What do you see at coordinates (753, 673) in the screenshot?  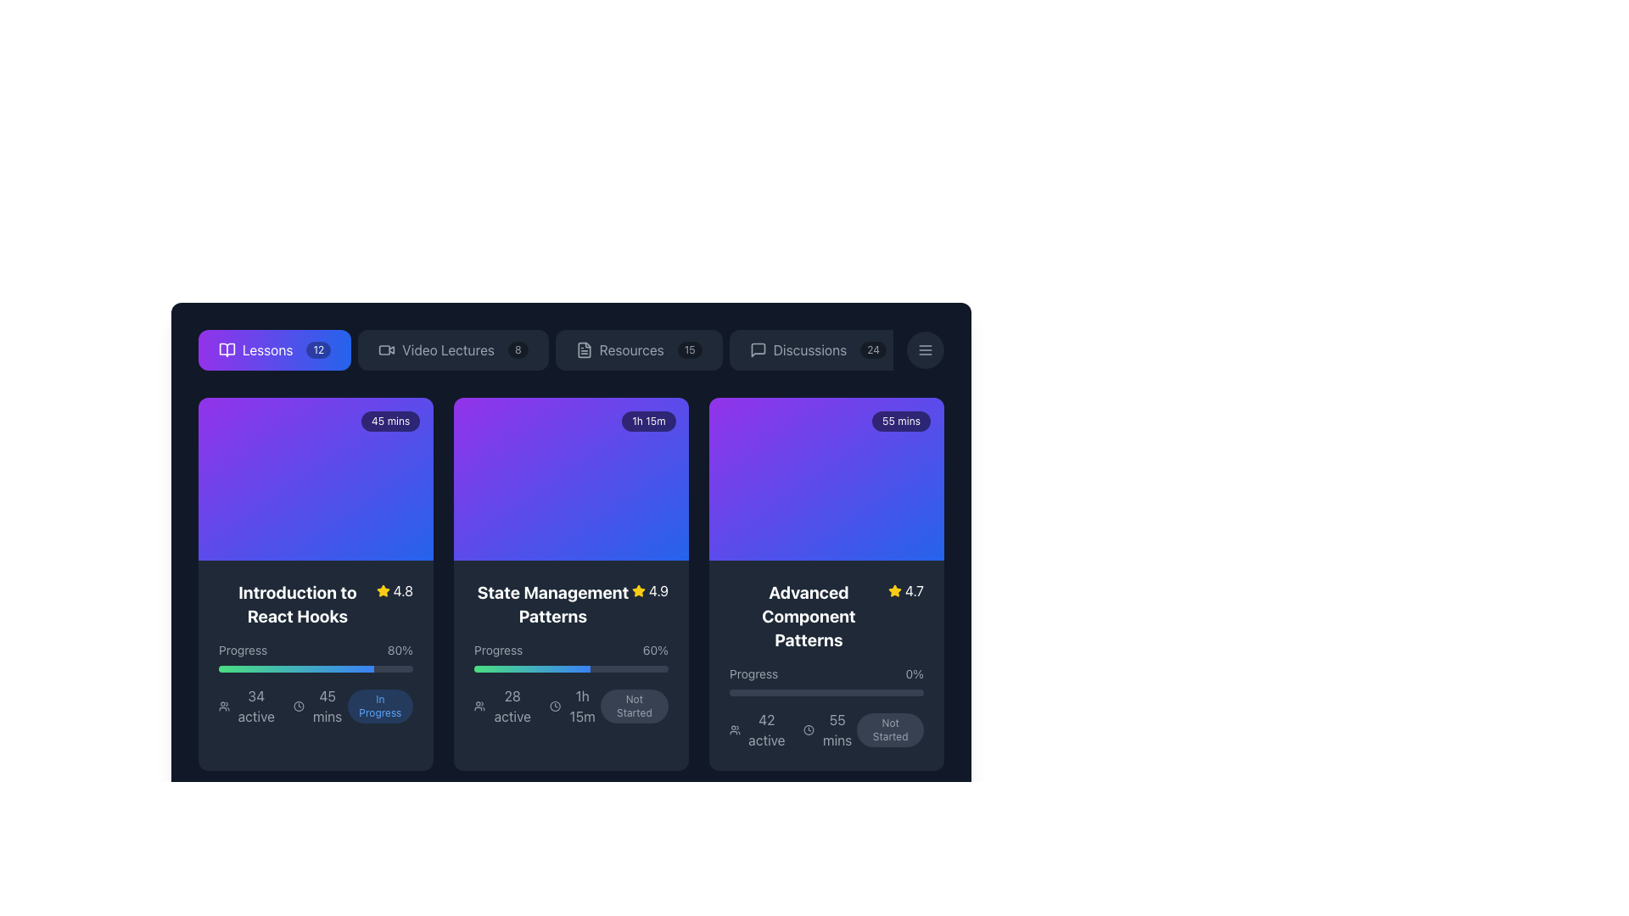 I see `the text label that reads 'Progress', which is styled in a small, gray font and aligned left within a dark rectangle, located above a progress bar and percentage indicator in the card for 'Advanced Component Patterns'` at bounding box center [753, 673].